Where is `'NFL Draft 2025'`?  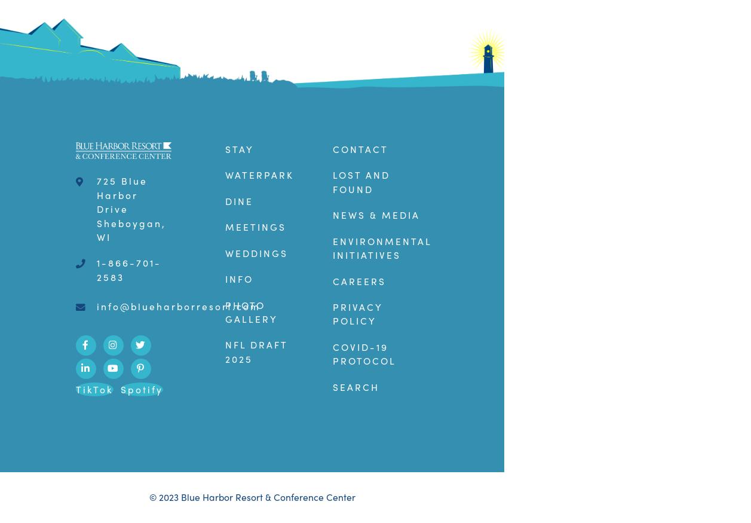
'NFL Draft 2025' is located at coordinates (256, 351).